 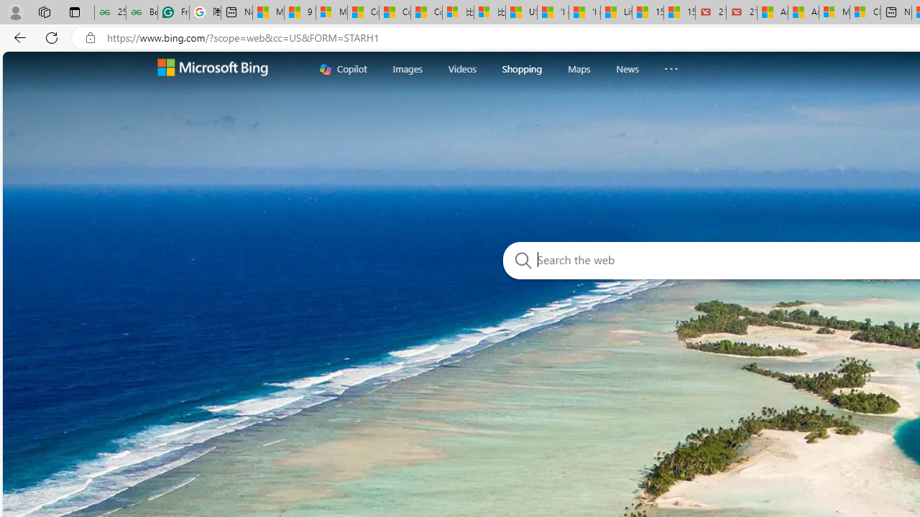 I want to click on 'Videos', so click(x=462, y=68).